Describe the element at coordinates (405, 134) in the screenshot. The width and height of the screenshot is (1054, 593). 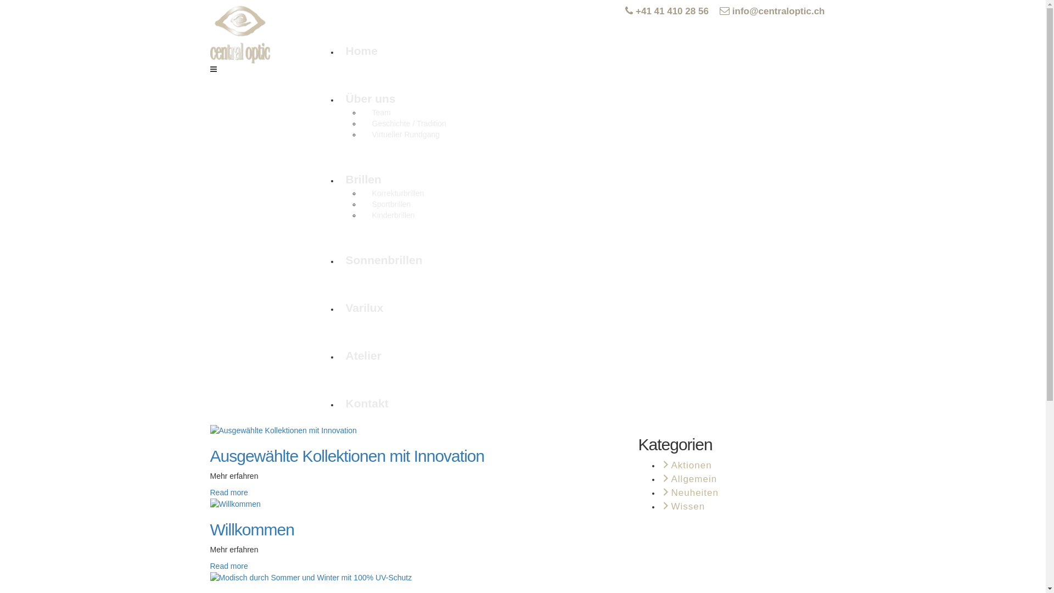
I see `'Virtueller Rundgang'` at that location.